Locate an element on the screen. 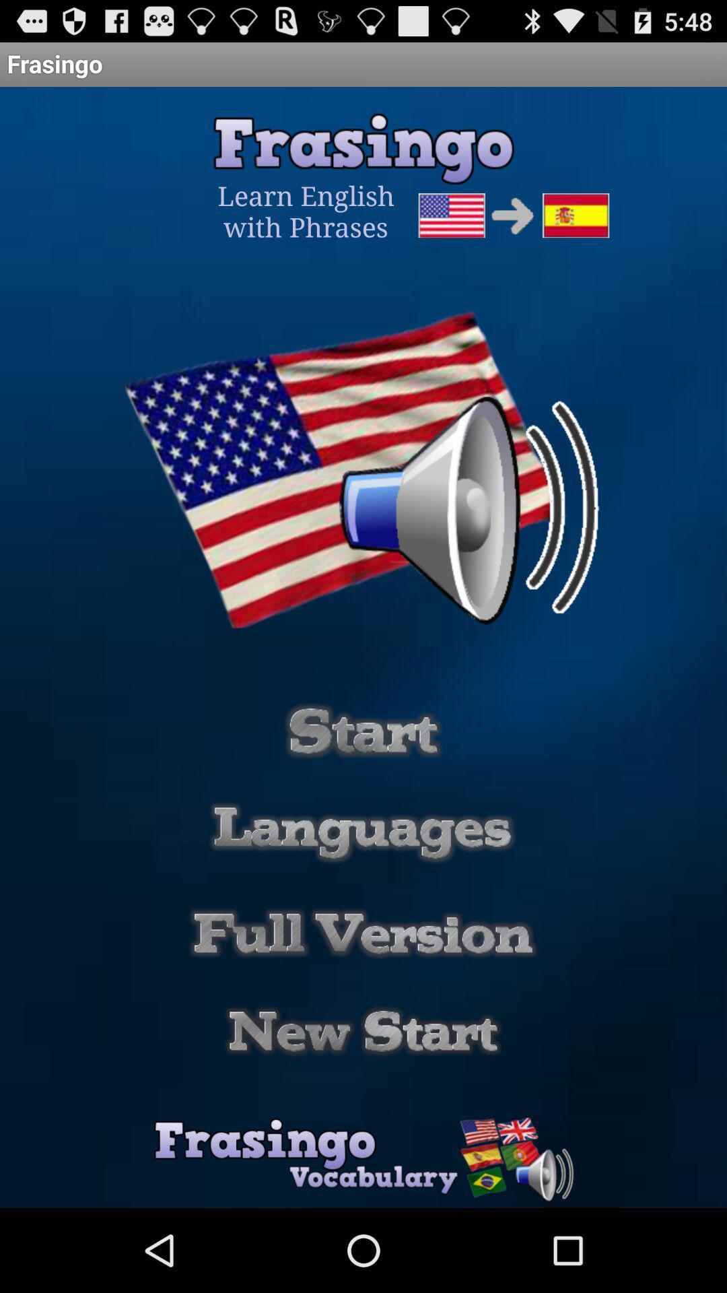 The image size is (727, 1293). change language is located at coordinates (362, 832).